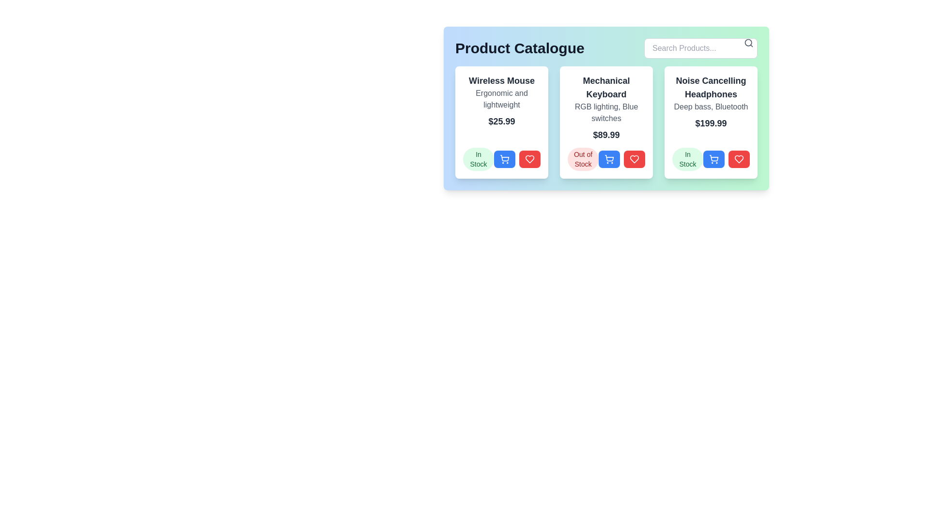 The height and width of the screenshot is (523, 930). What do you see at coordinates (711, 123) in the screenshot?
I see `the price display for 'Noise Cancelling Headphones', which is a static text element located at the bottom-center of the rightmost panel of the product card` at bounding box center [711, 123].